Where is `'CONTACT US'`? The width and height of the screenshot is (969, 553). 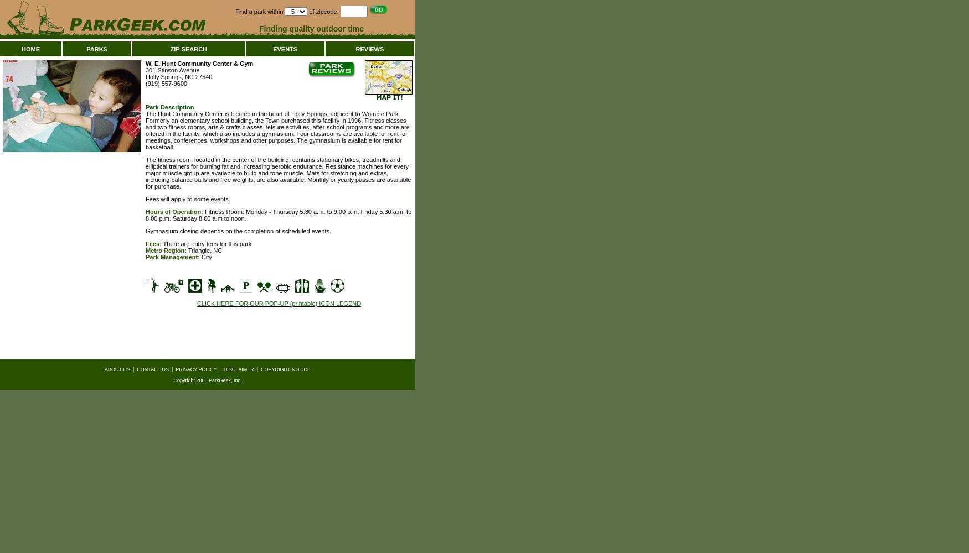
'CONTACT US' is located at coordinates (152, 369).